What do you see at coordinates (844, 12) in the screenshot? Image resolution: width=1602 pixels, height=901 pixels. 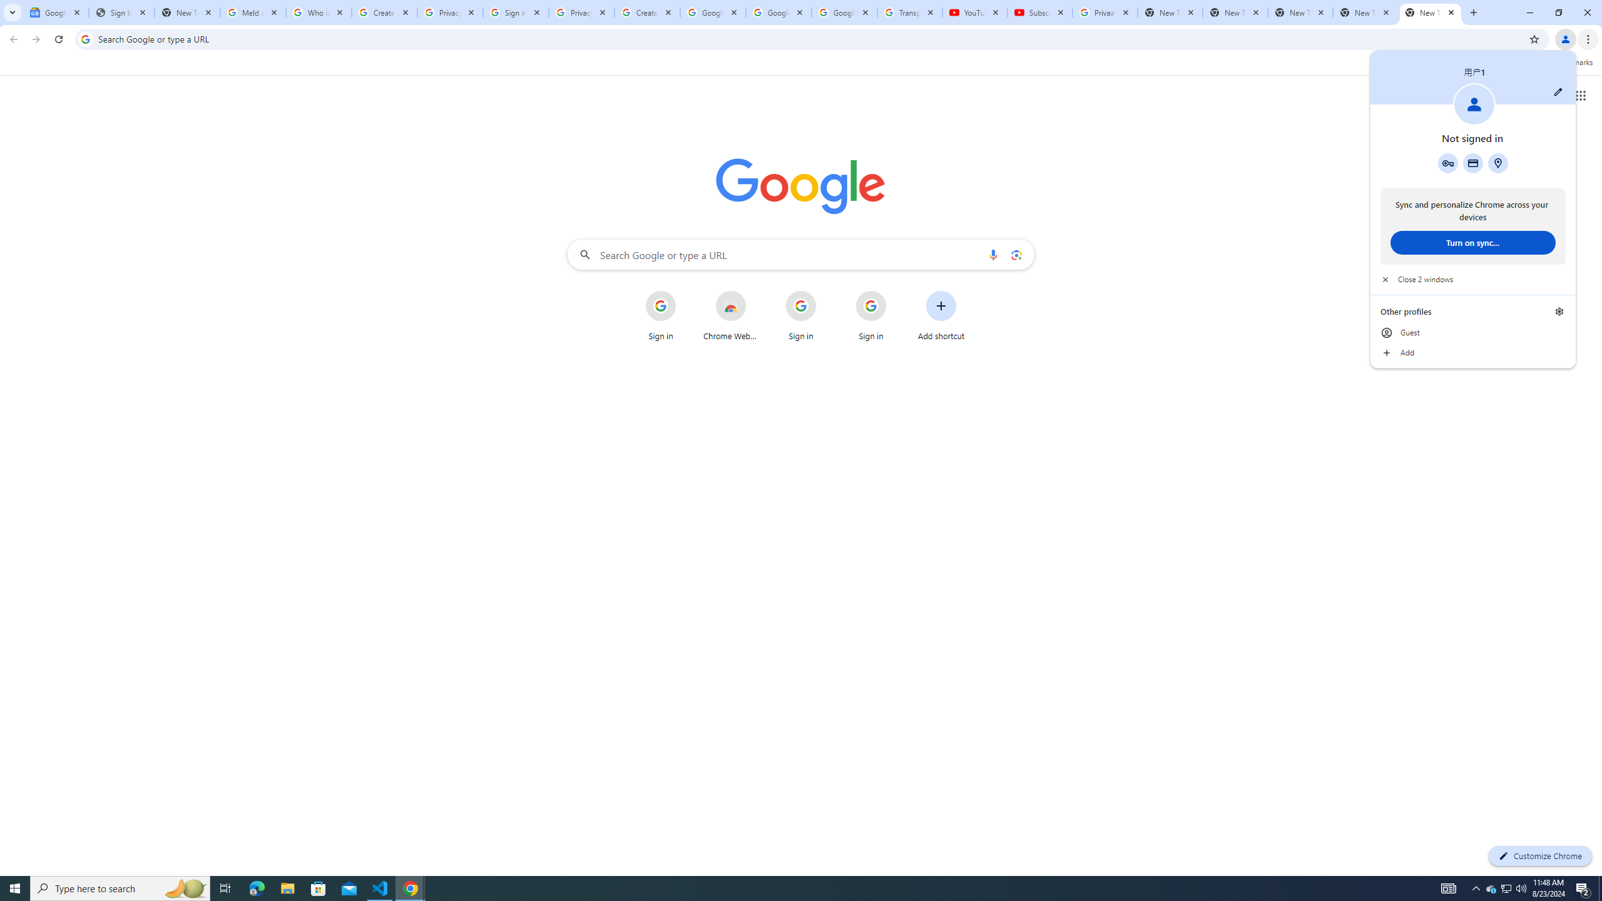 I see `'Google Account'` at bounding box center [844, 12].